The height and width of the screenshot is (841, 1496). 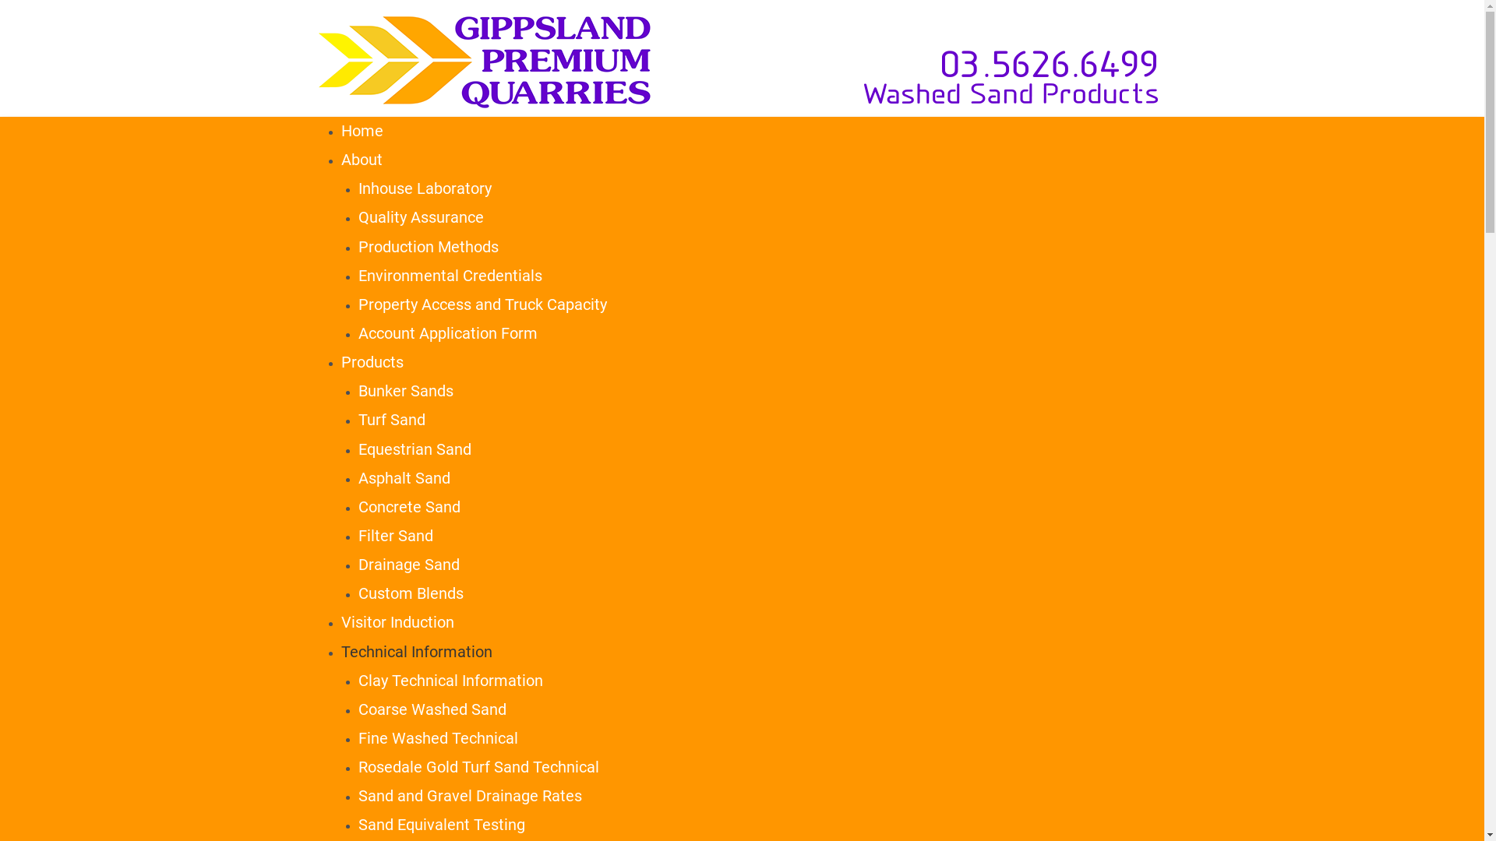 I want to click on 'Coarse Washed Sand', so click(x=432, y=709).